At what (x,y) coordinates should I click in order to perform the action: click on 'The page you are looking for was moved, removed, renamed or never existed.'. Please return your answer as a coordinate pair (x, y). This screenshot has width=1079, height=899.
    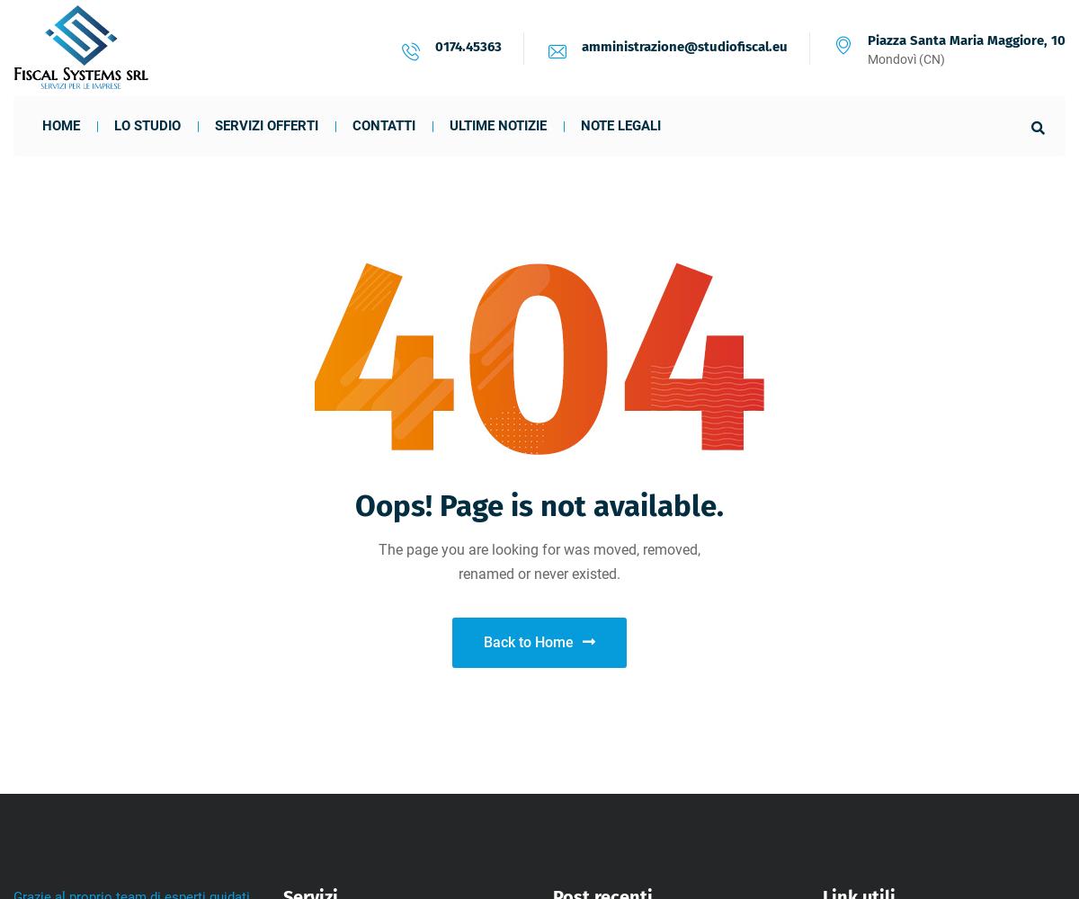
    Looking at the image, I should click on (539, 562).